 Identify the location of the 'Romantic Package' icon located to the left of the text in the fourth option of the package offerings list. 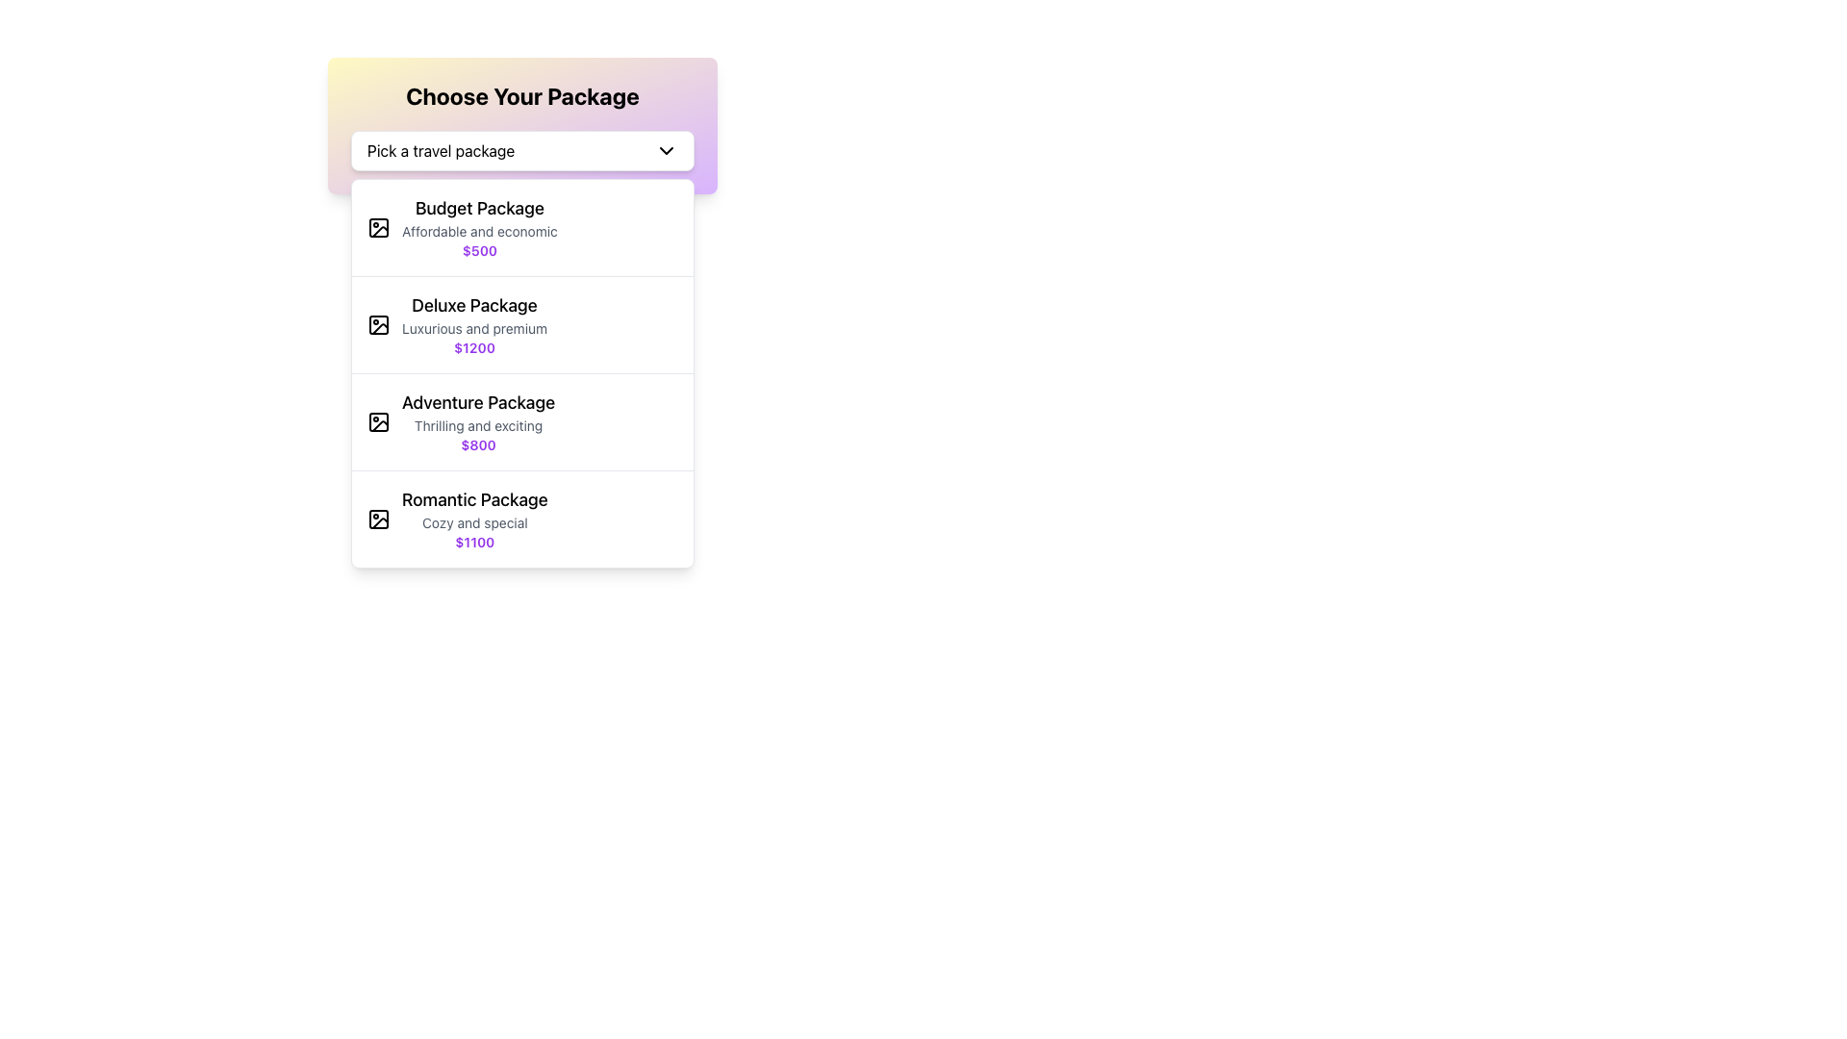
(378, 519).